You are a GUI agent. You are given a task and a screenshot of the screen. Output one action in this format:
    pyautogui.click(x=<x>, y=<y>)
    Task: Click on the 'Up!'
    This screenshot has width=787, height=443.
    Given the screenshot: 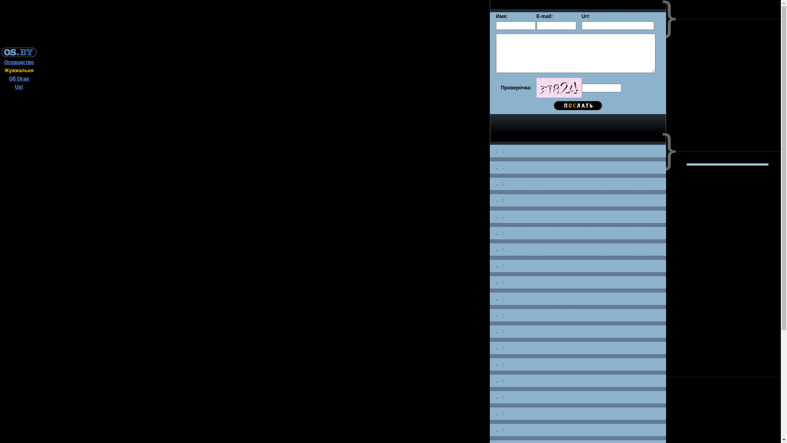 What is the action you would take?
    pyautogui.click(x=19, y=87)
    